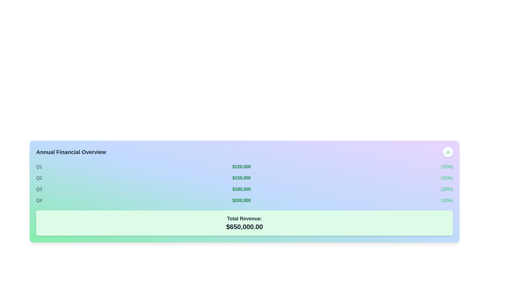 This screenshot has width=527, height=296. What do you see at coordinates (244, 189) in the screenshot?
I see `financial data displayed in the third list item under the title 'Annual Financial Overview', which shows Q3 monetary value and percentage representation` at bounding box center [244, 189].